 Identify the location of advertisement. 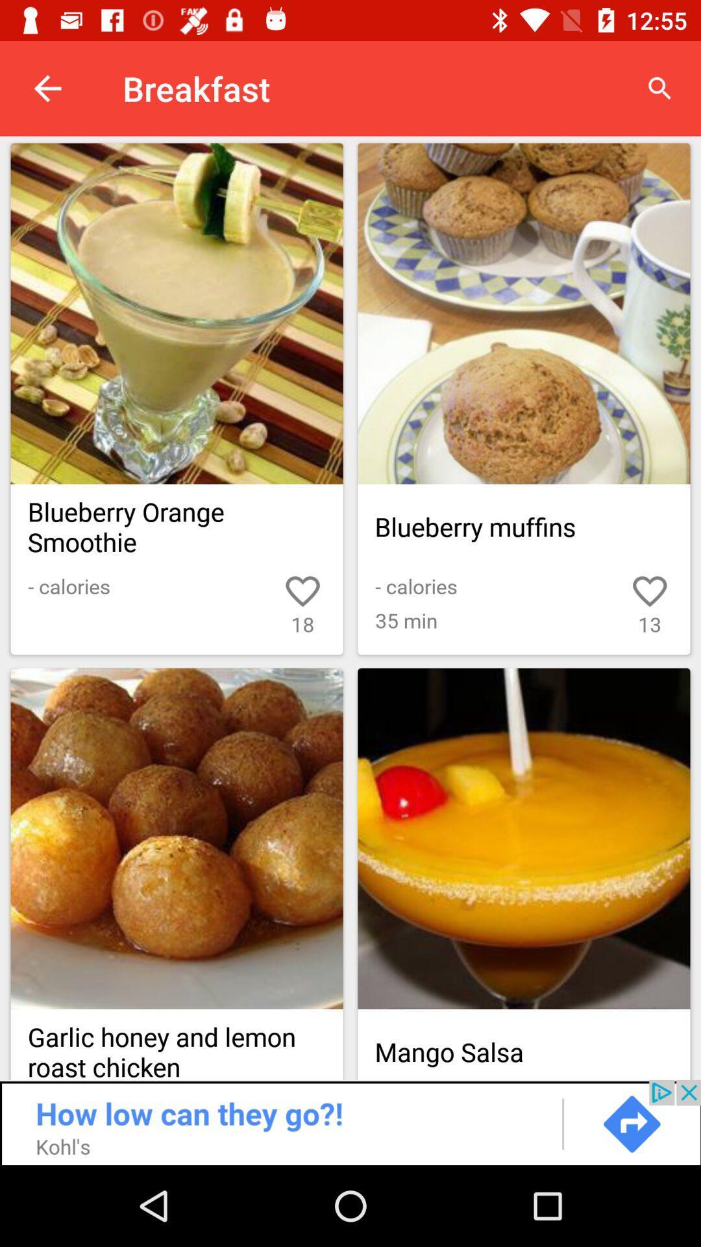
(350, 1122).